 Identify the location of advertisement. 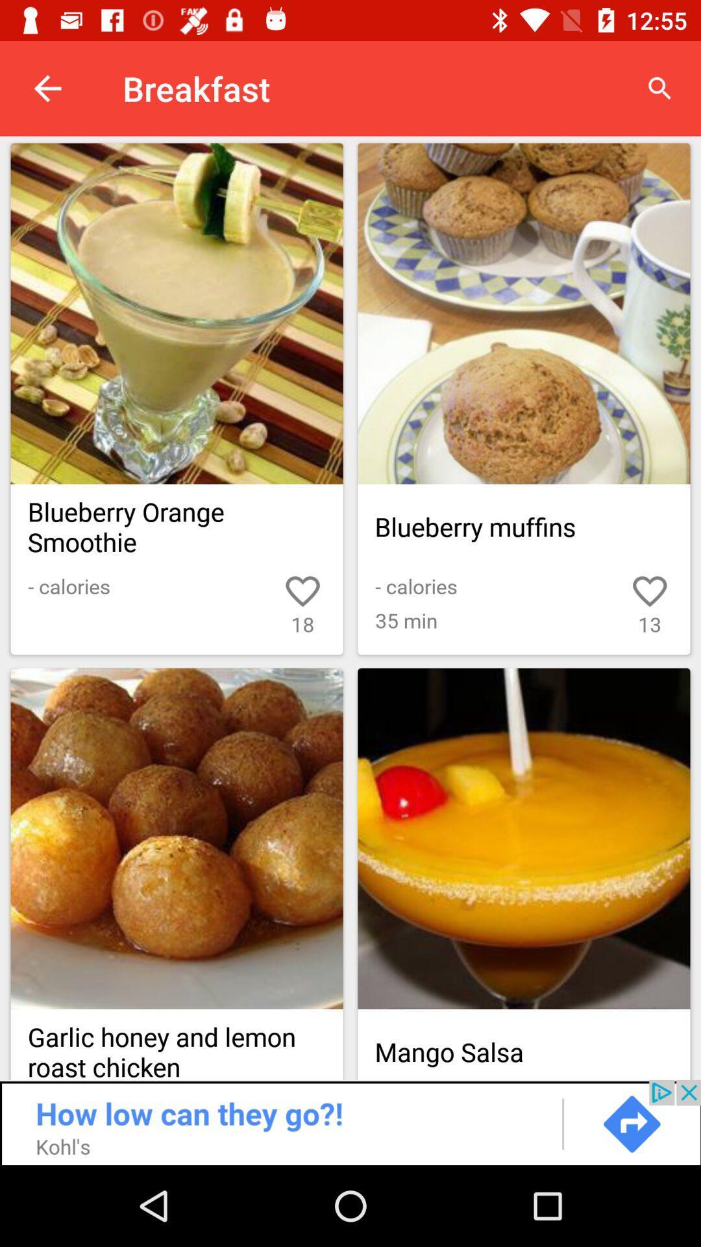
(350, 1122).